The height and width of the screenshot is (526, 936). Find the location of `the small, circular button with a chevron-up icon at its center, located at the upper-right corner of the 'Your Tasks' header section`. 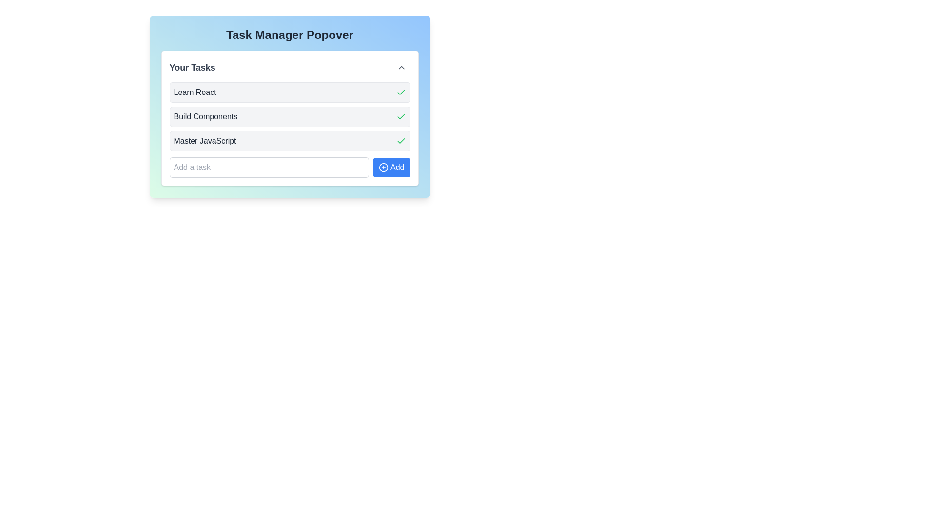

the small, circular button with a chevron-up icon at its center, located at the upper-right corner of the 'Your Tasks' header section is located at coordinates (401, 67).